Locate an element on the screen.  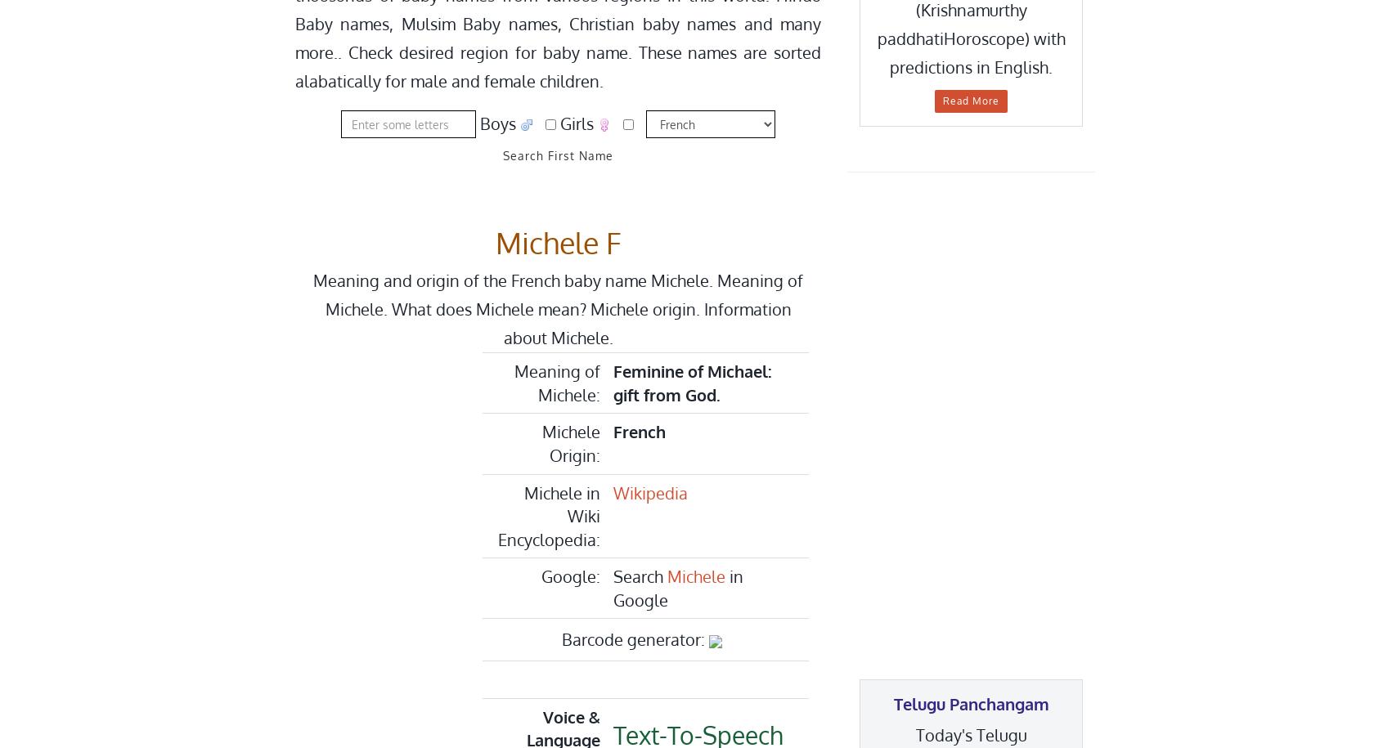
'Google:' is located at coordinates (570, 576).